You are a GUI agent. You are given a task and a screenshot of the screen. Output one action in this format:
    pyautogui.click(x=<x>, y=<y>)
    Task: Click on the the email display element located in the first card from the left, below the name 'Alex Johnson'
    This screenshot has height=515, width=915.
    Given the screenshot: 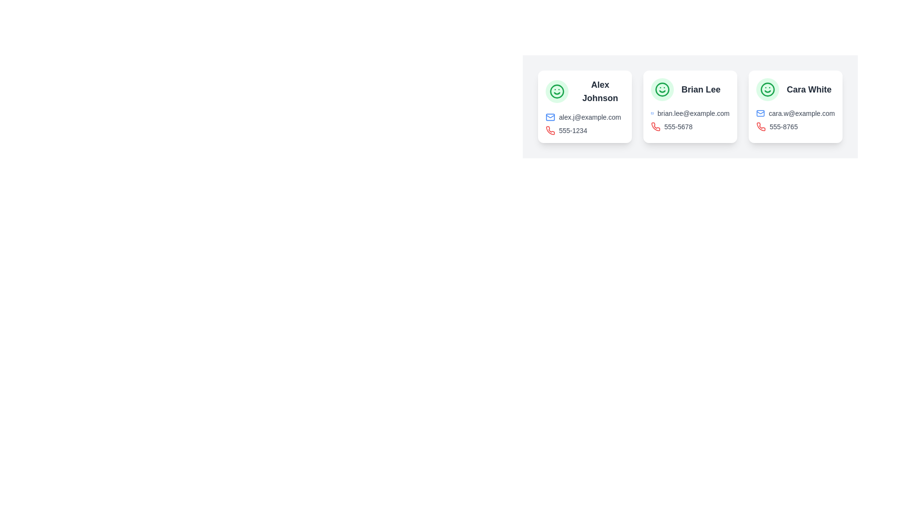 What is the action you would take?
    pyautogui.click(x=584, y=117)
    